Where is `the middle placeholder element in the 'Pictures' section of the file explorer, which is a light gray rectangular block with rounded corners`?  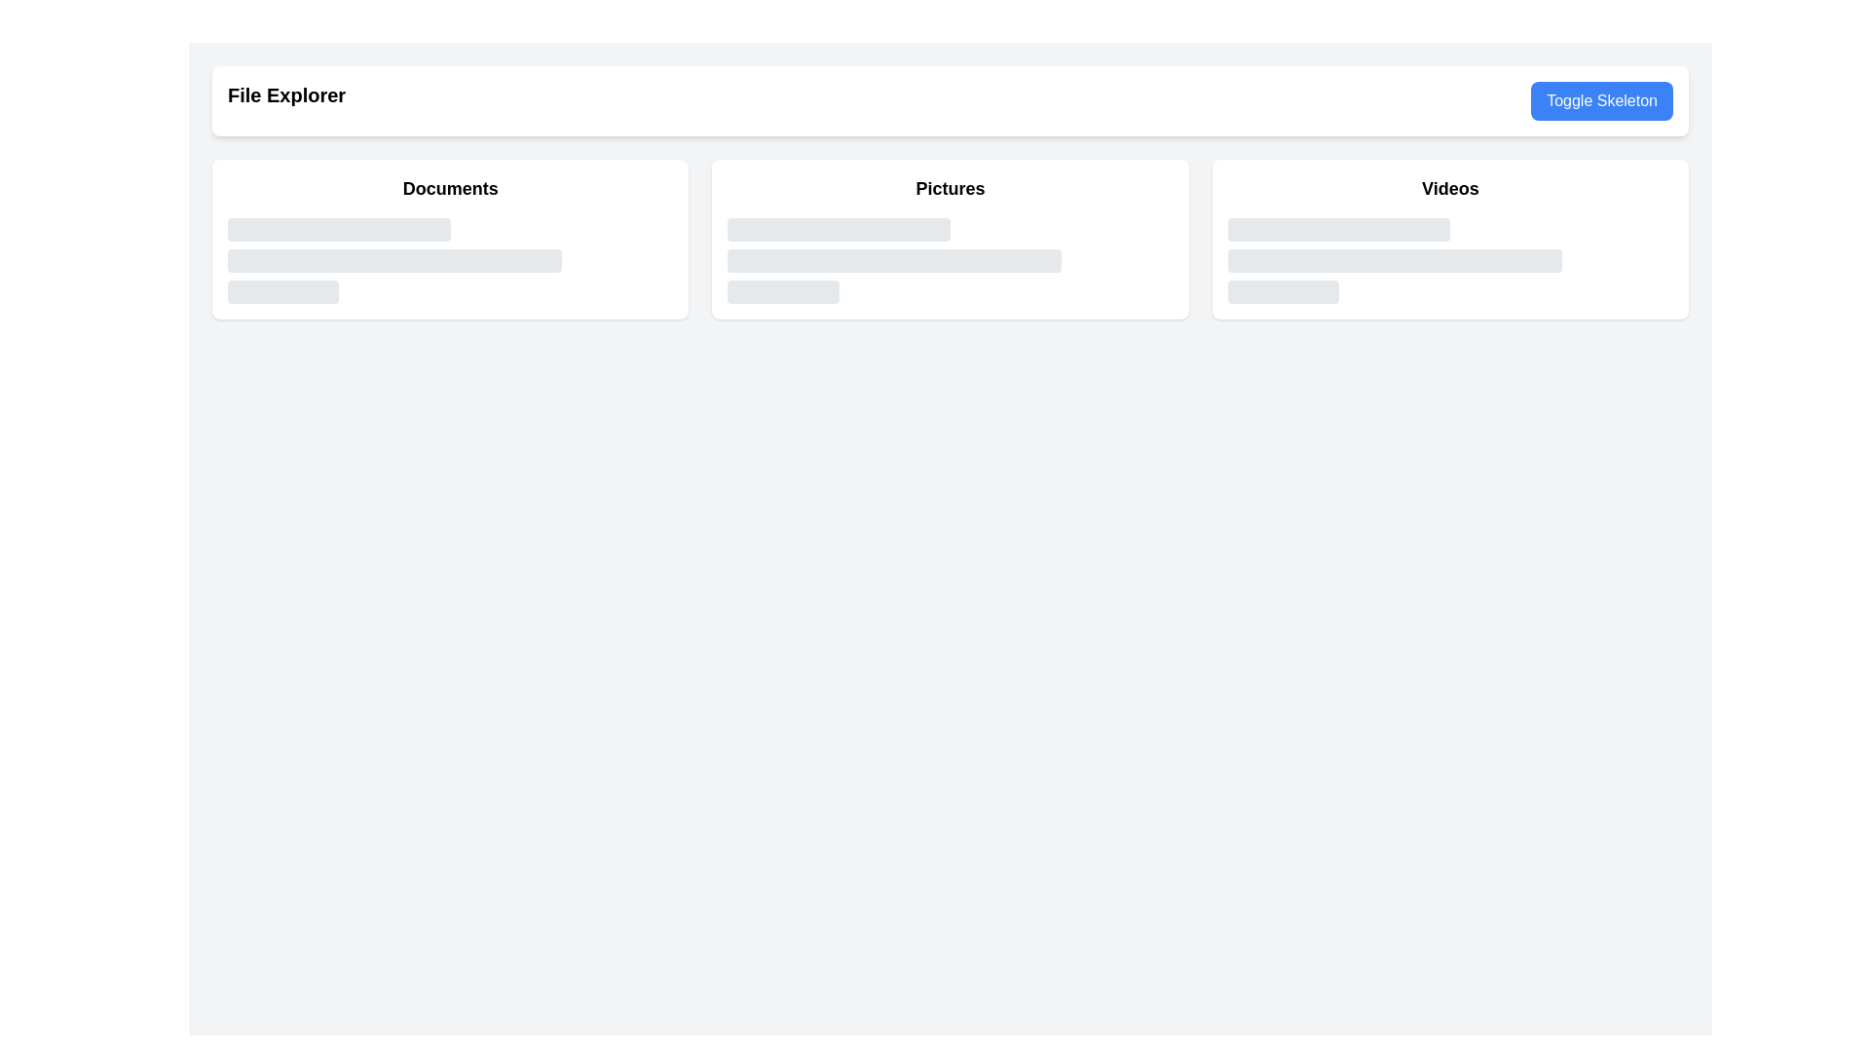
the middle placeholder element in the 'Pictures' section of the file explorer, which is a light gray rectangular block with rounded corners is located at coordinates (893, 259).